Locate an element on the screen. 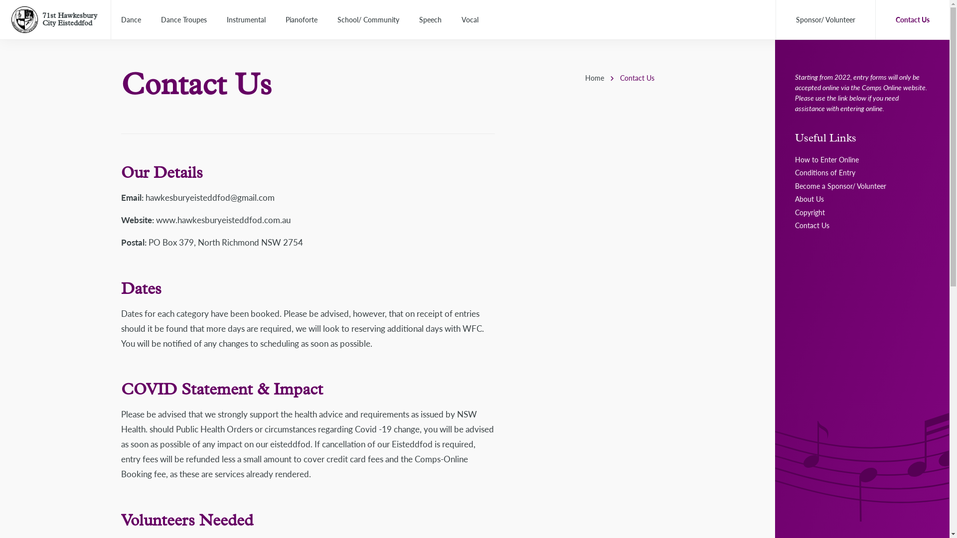 The image size is (957, 538). 'Become a Sponsor/ Volunteer' is located at coordinates (840, 186).